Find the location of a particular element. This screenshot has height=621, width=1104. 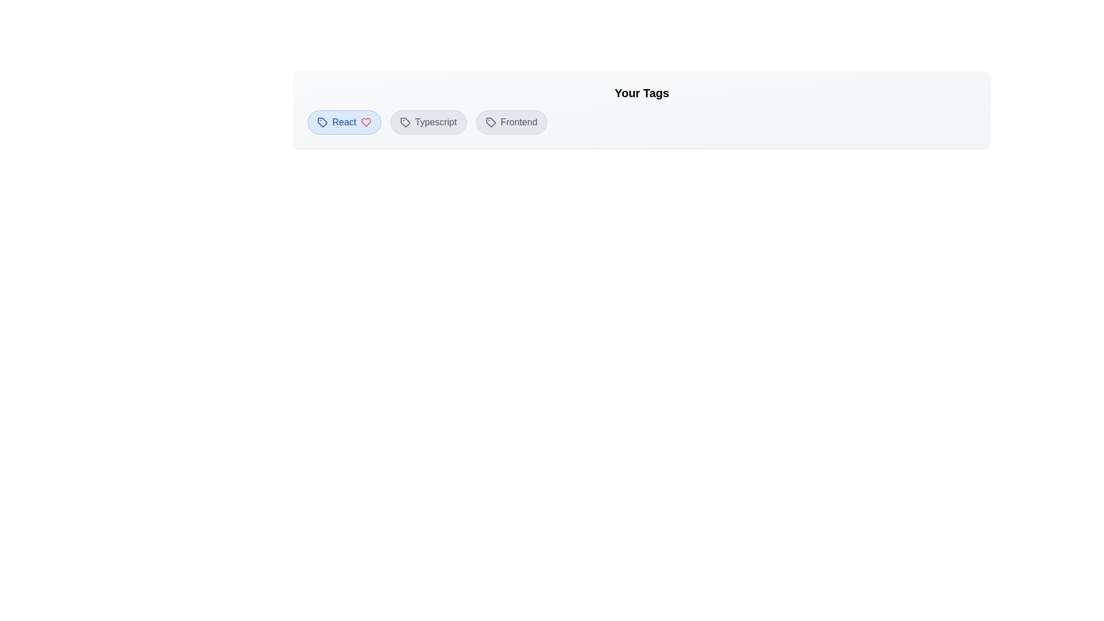

the decorative icon associated with the tag React is located at coordinates (322, 122).